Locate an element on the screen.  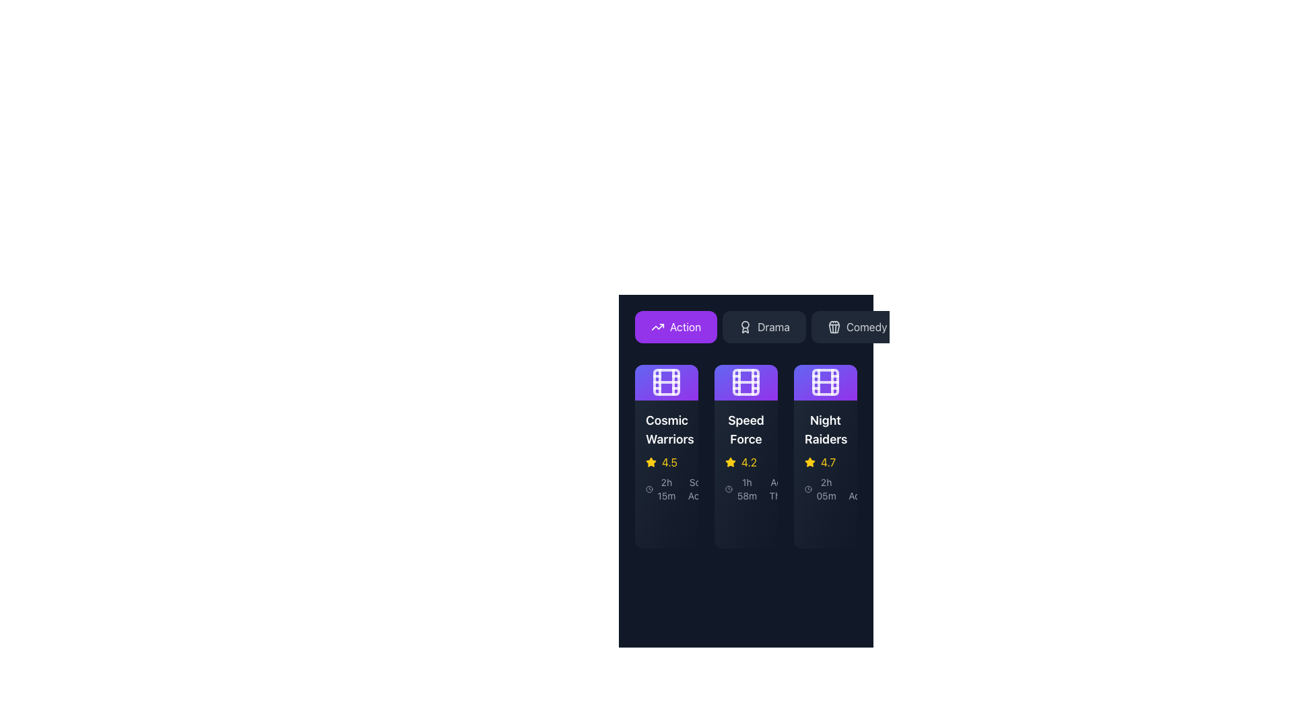
the small, filled yellow star icon located to the left of the numeric text '4.2' within the movie information card labeled 'Speed Force' is located at coordinates (729, 461).